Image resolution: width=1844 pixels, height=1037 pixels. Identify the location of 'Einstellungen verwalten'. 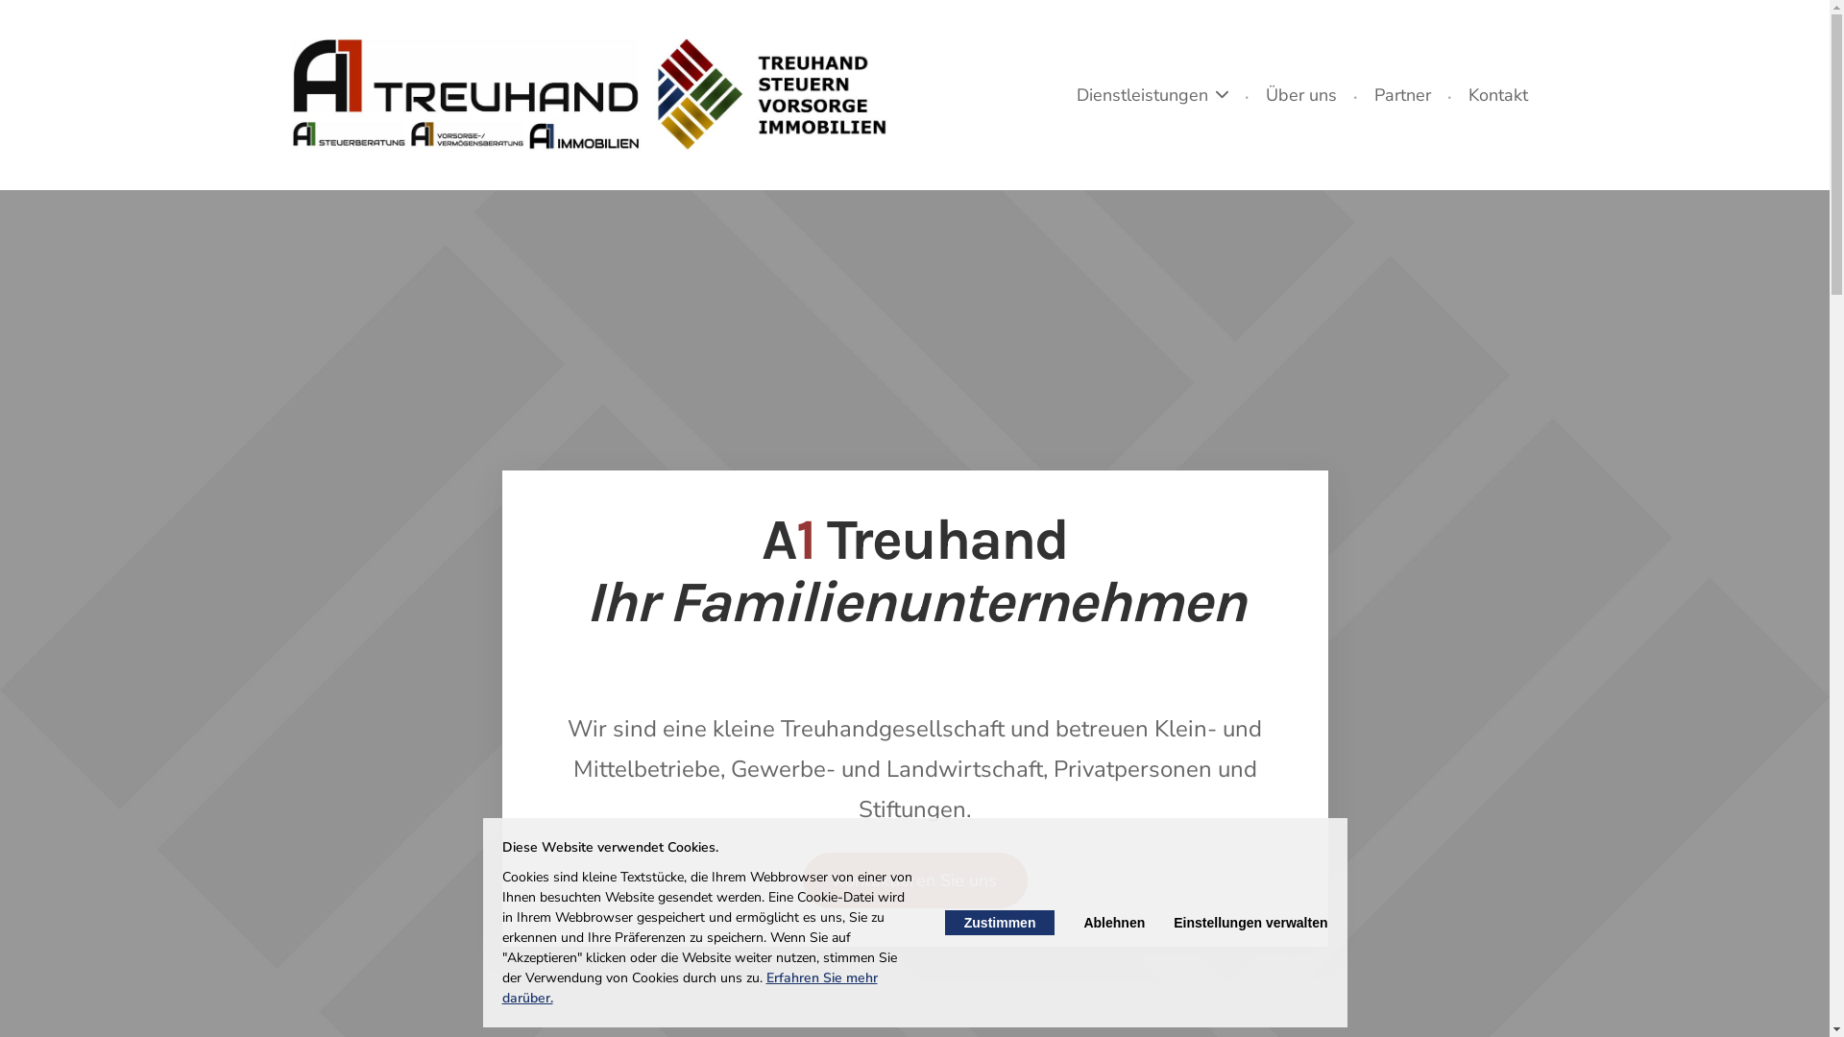
(1173, 921).